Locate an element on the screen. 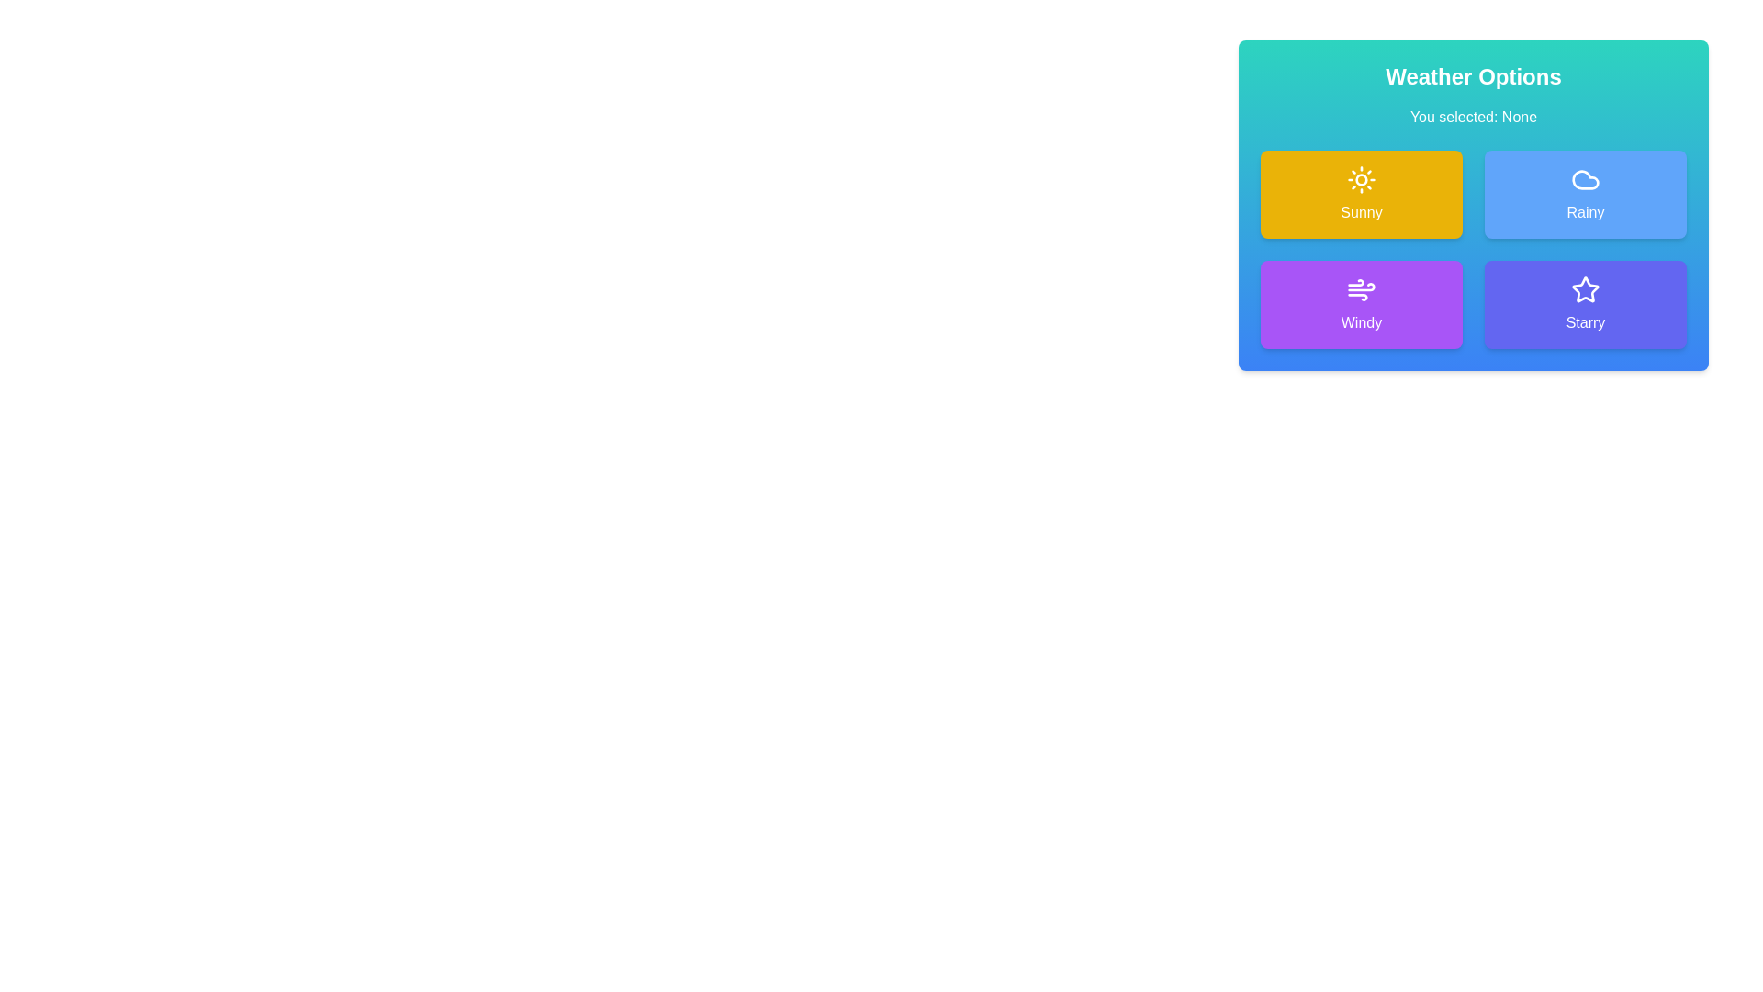 The image size is (1763, 992). the 'Windy' button with a purple background and white text is located at coordinates (1362, 303).